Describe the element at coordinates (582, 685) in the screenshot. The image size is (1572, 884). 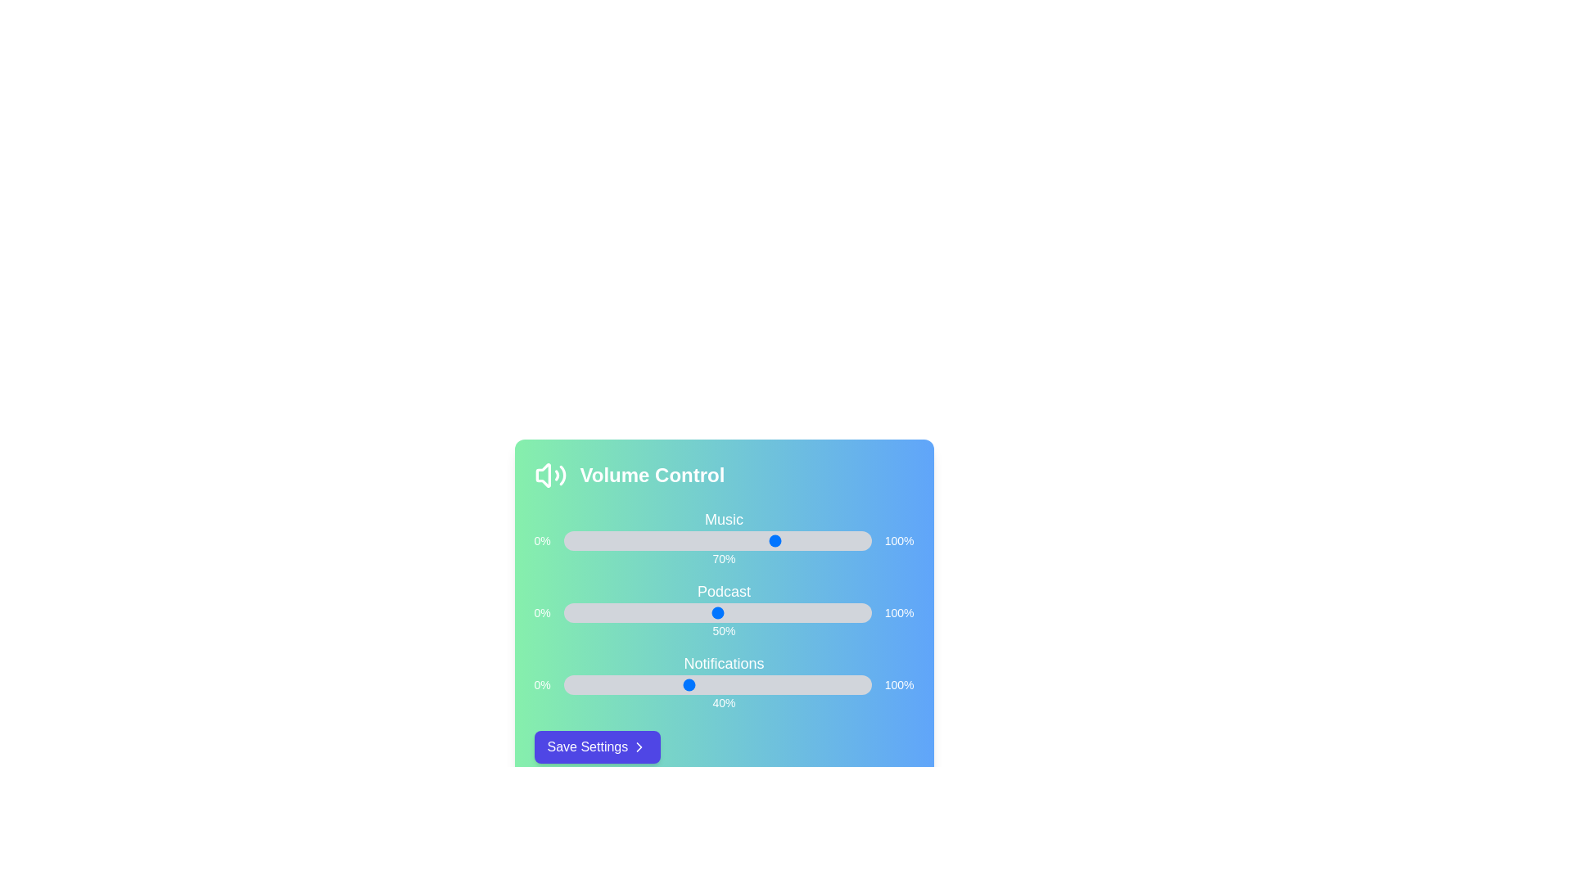
I see `the 'Notifications' volume slider to 6%` at that location.